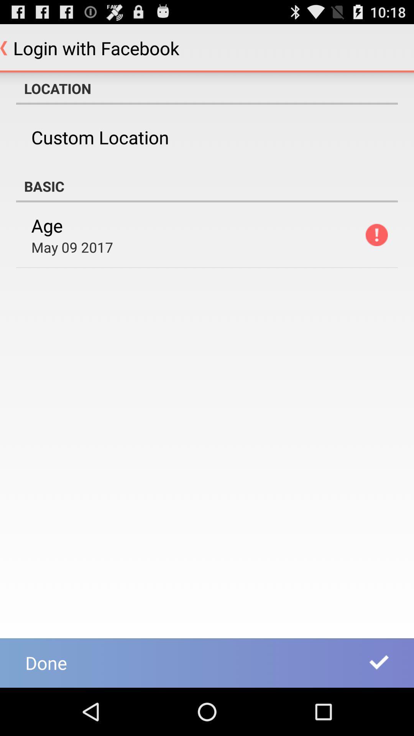 The width and height of the screenshot is (414, 736). I want to click on the age icon, so click(47, 225).